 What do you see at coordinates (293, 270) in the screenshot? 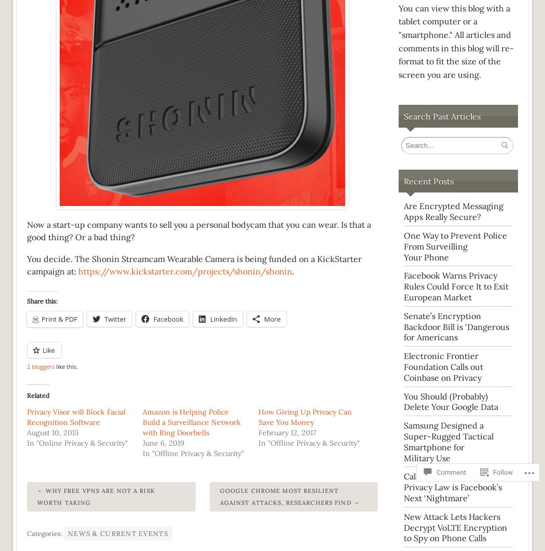
I see `'.'` at bounding box center [293, 270].